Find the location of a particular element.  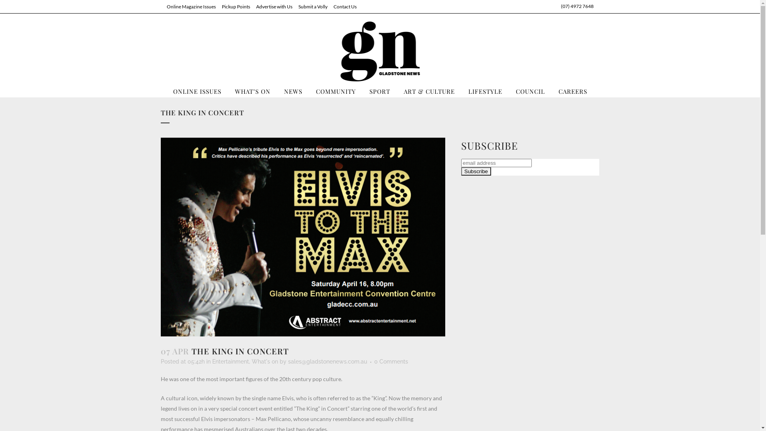

'NEWS' is located at coordinates (292, 91).